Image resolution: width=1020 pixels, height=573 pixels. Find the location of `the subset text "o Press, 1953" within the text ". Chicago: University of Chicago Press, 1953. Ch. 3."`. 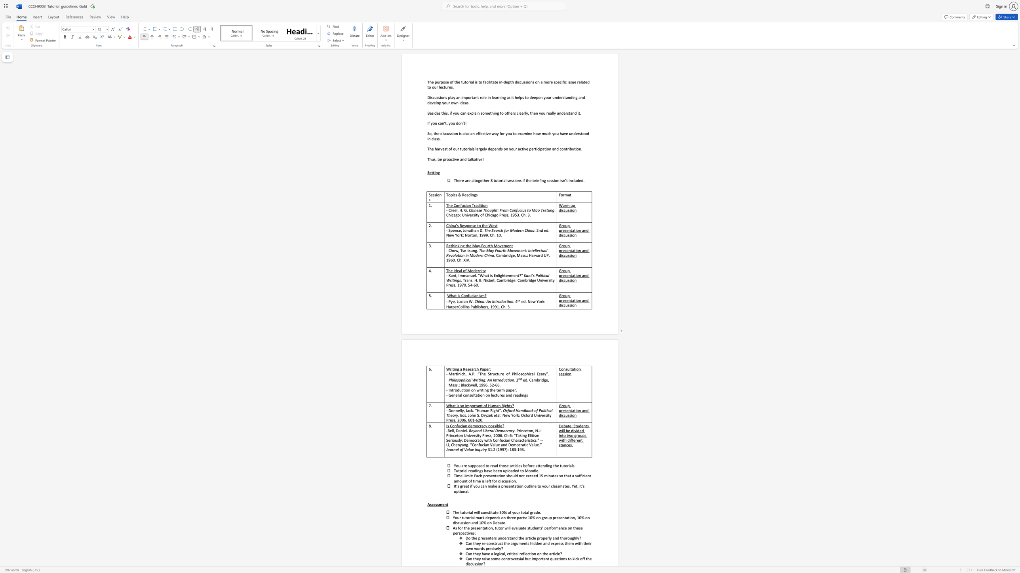

the subset text "o Press, 1953" within the text ". Chicago: University of Chicago Press, 1953. Ch. 3." is located at coordinates (496, 215).